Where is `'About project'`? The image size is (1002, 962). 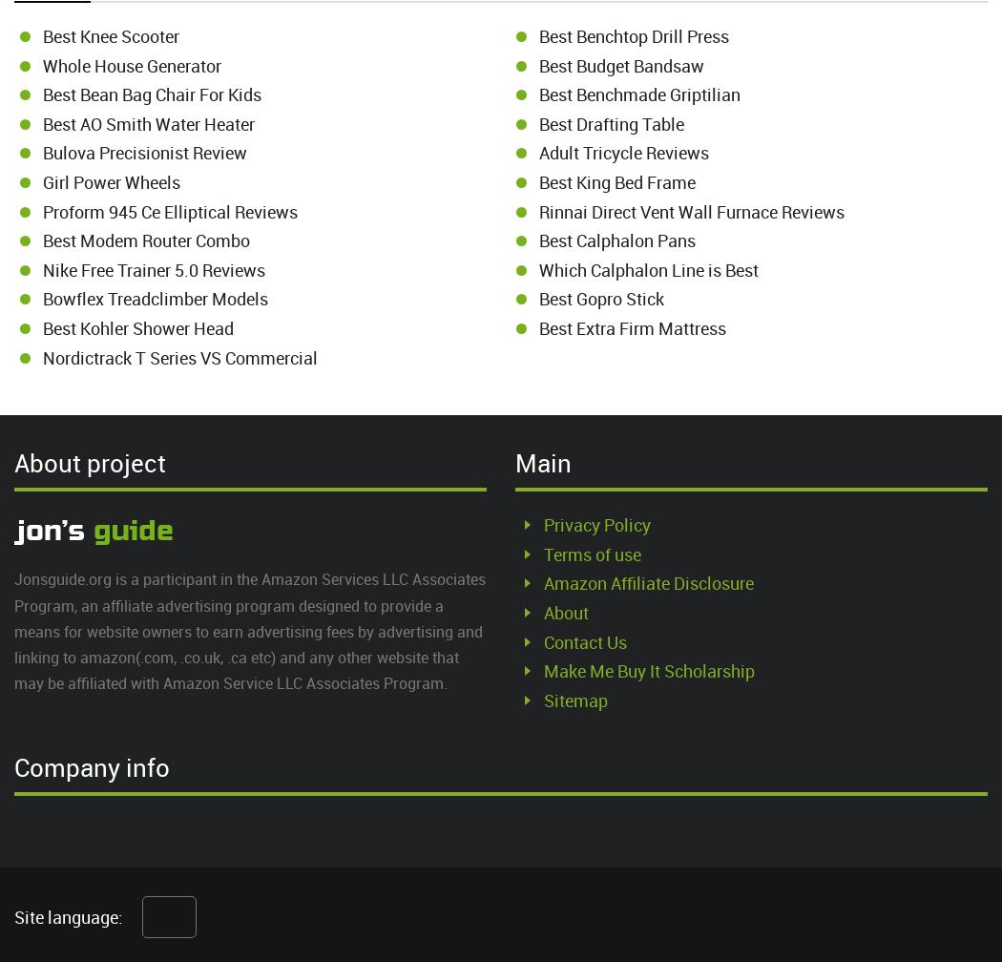 'About project' is located at coordinates (90, 463).